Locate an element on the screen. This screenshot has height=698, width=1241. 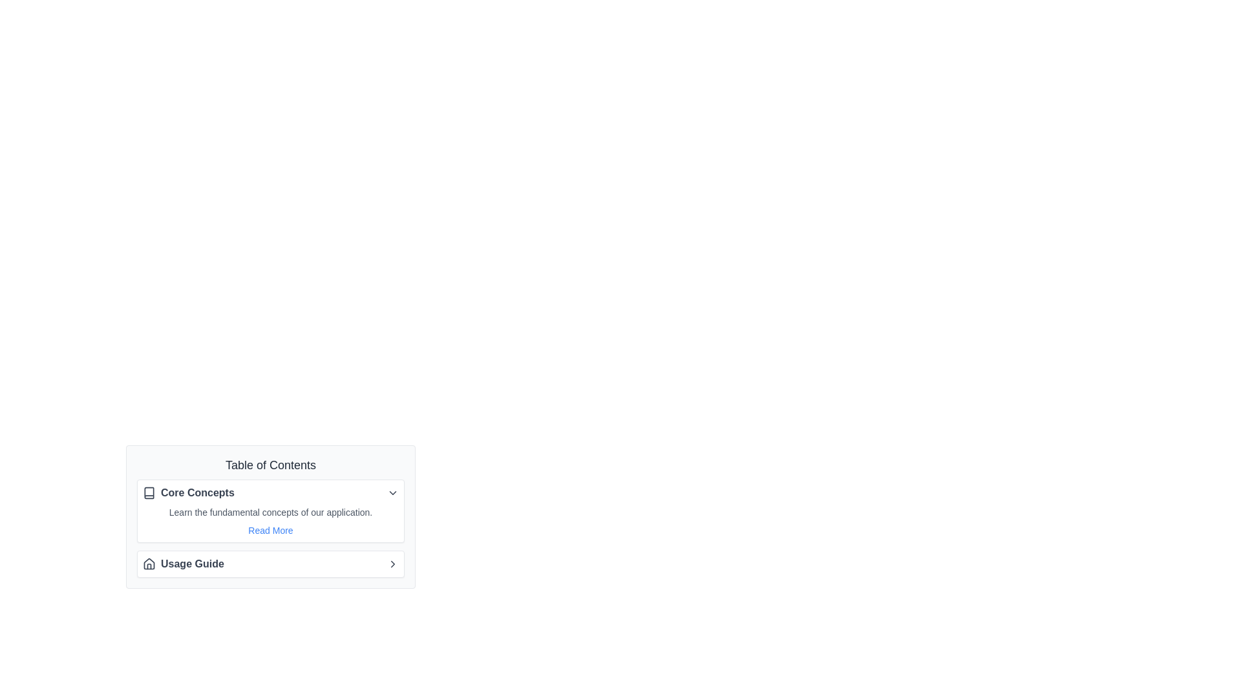
the SVG Icon representing 'Core Concepts', which is positioned to the left of the 'Core Concepts' label is located at coordinates (149, 493).